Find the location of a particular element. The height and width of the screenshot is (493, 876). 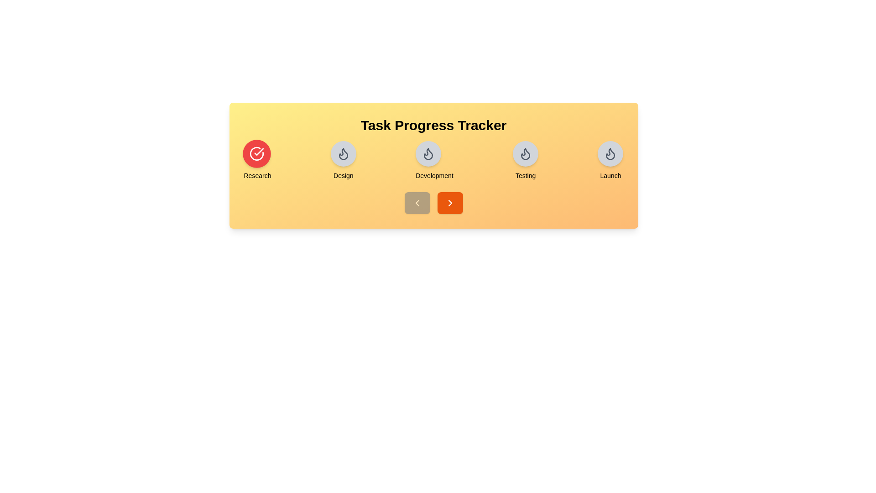

the 'Testing' stage icon in the Task Progress Tracker, which is the fourth element in a horizontal sequence, located between 'Development' and 'Launch' is located at coordinates (526, 161).